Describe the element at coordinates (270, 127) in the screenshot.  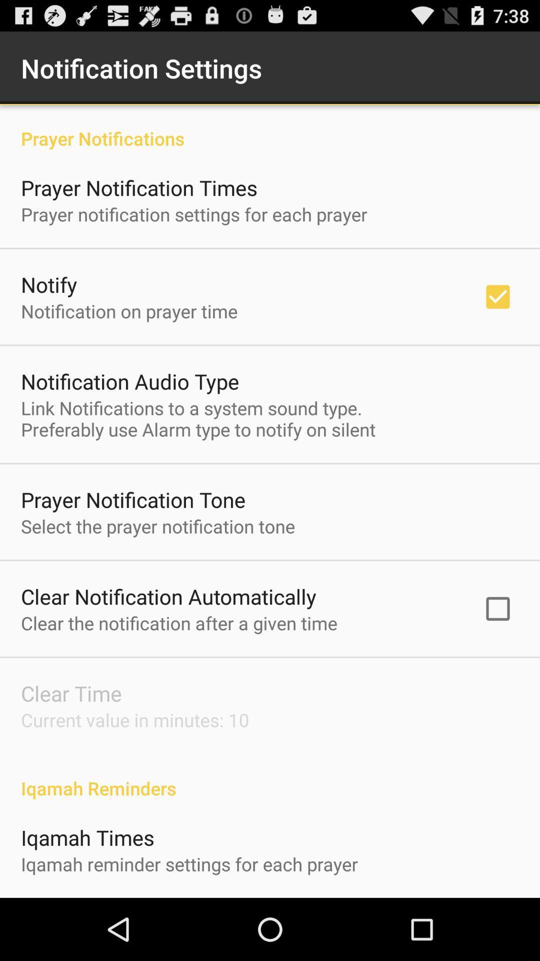
I see `prayer notifications icon` at that location.